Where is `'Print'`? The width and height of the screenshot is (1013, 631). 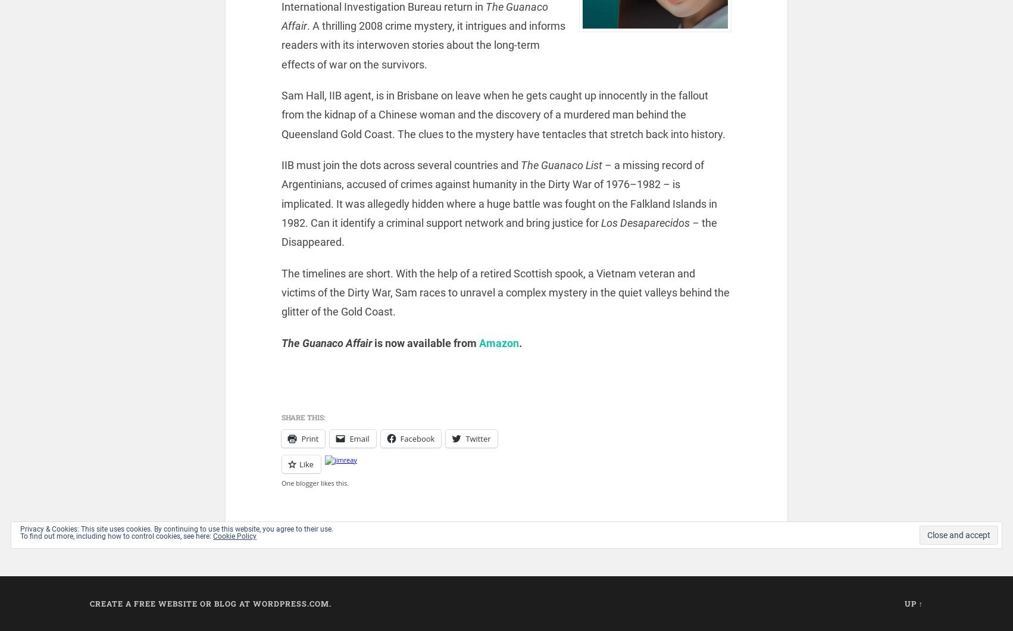
'Print' is located at coordinates (309, 437).